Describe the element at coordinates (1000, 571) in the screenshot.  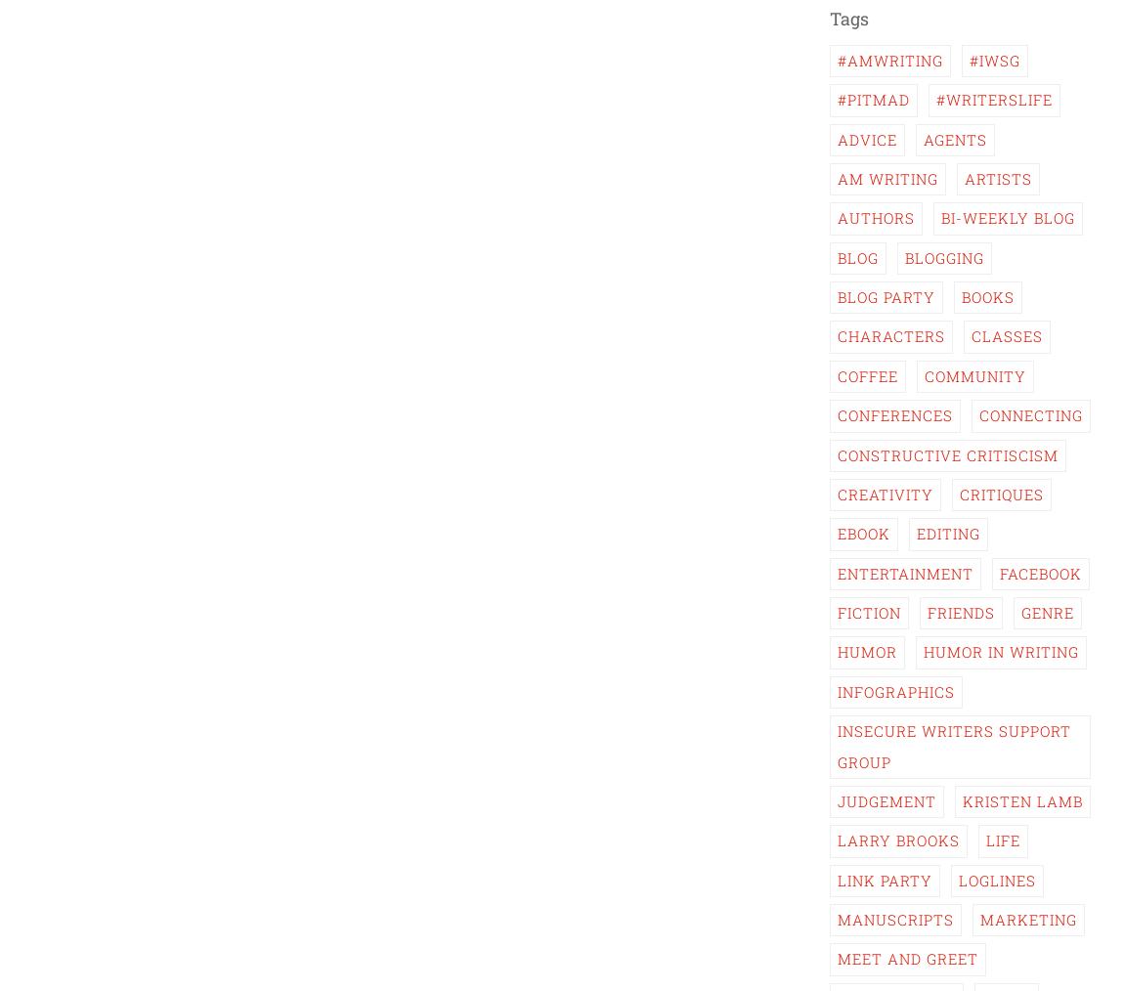
I see `'Facebook'` at that location.